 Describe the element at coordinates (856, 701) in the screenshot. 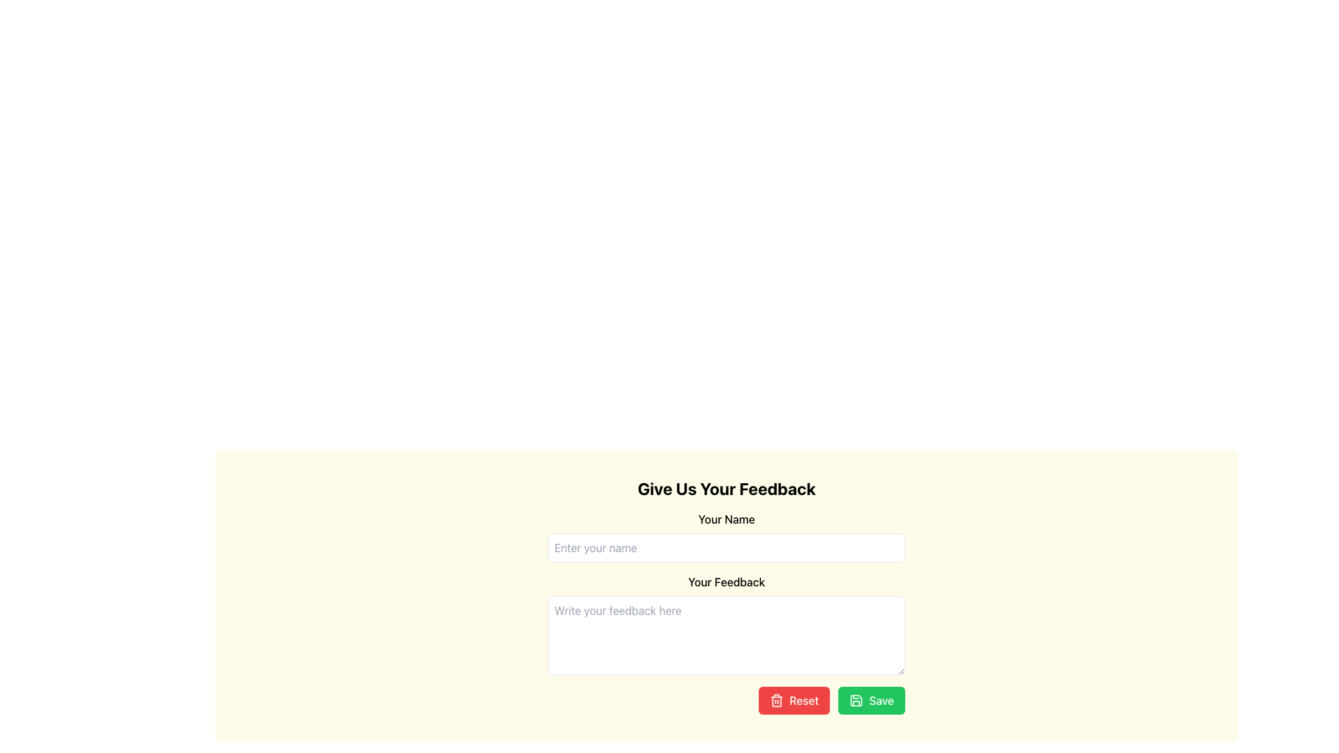

I see `the save icon located within the green 'Save' button at the bottom-right corner of the feedback form interface` at that location.